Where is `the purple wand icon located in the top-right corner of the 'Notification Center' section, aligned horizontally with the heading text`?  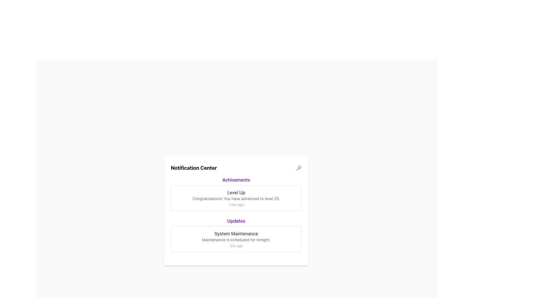 the purple wand icon located in the top-right corner of the 'Notification Center' section, aligned horizontally with the heading text is located at coordinates (298, 168).